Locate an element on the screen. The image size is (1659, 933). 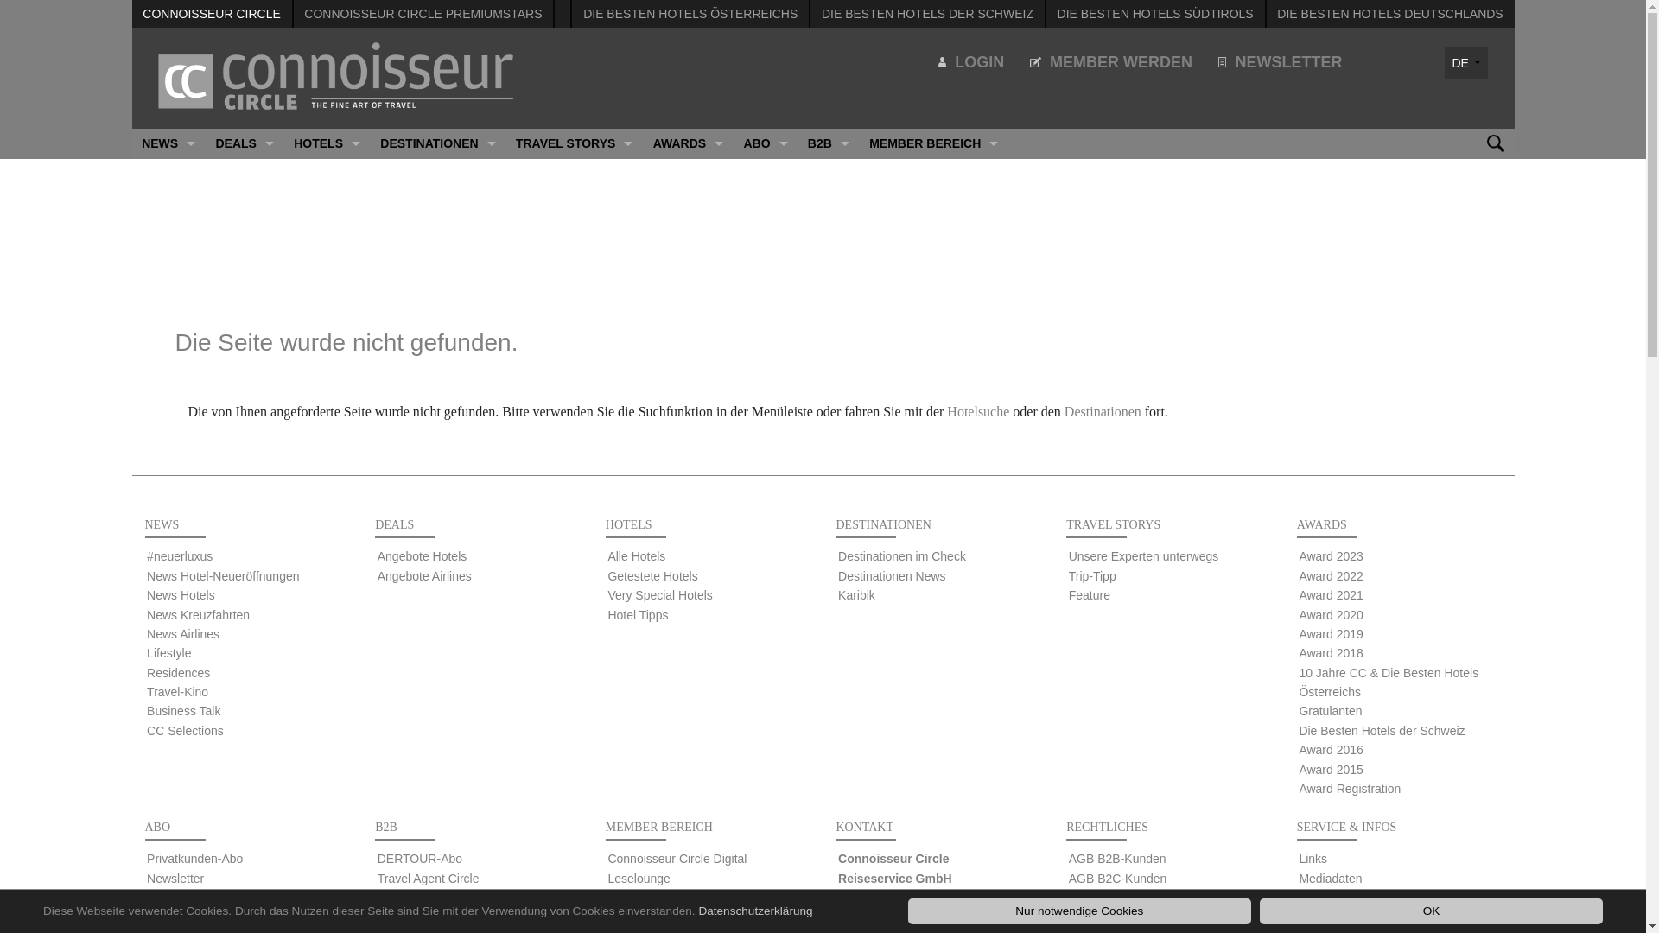
'#neuerluxus' is located at coordinates (179, 556).